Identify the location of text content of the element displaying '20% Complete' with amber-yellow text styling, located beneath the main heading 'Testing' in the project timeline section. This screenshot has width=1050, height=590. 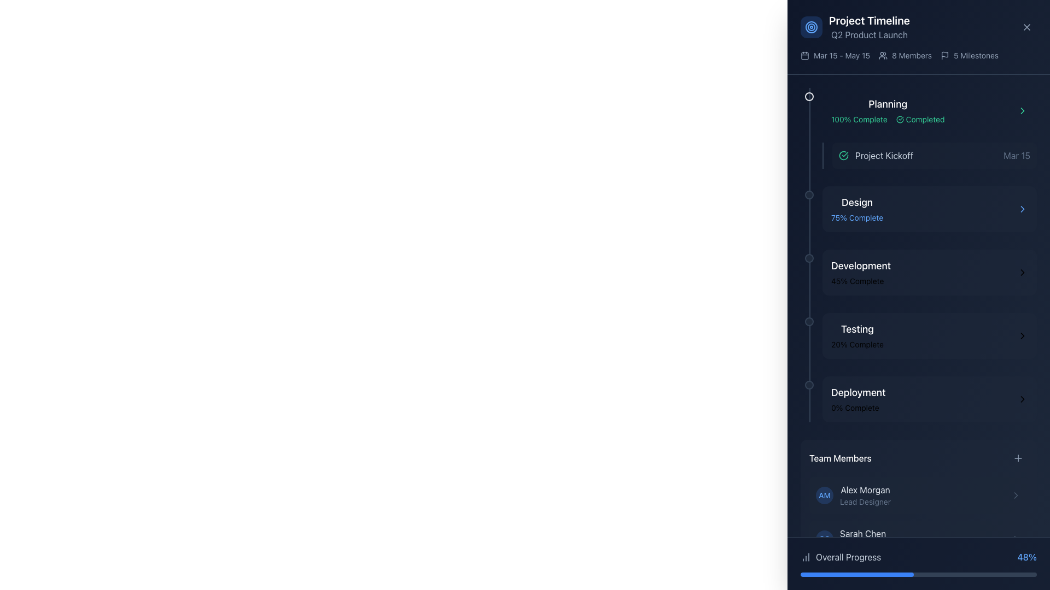
(856, 345).